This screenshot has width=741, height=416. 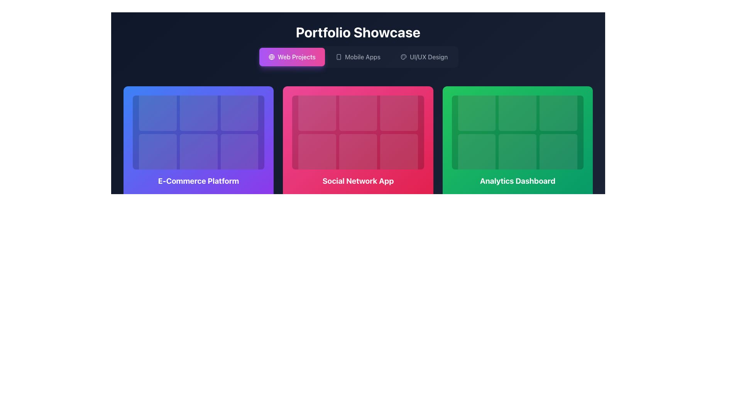 I want to click on the first tile in the grid of six within the 'Analytics Dashboard' section to observe hover effects, so click(x=476, y=112).